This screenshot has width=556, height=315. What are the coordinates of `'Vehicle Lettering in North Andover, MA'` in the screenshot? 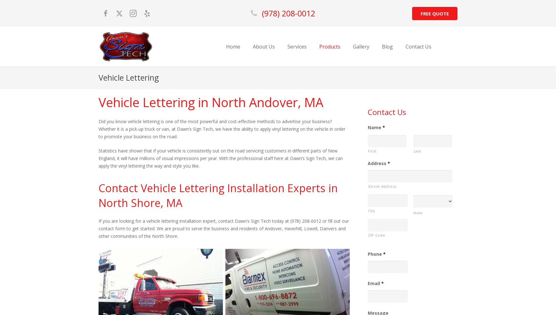 It's located at (211, 101).